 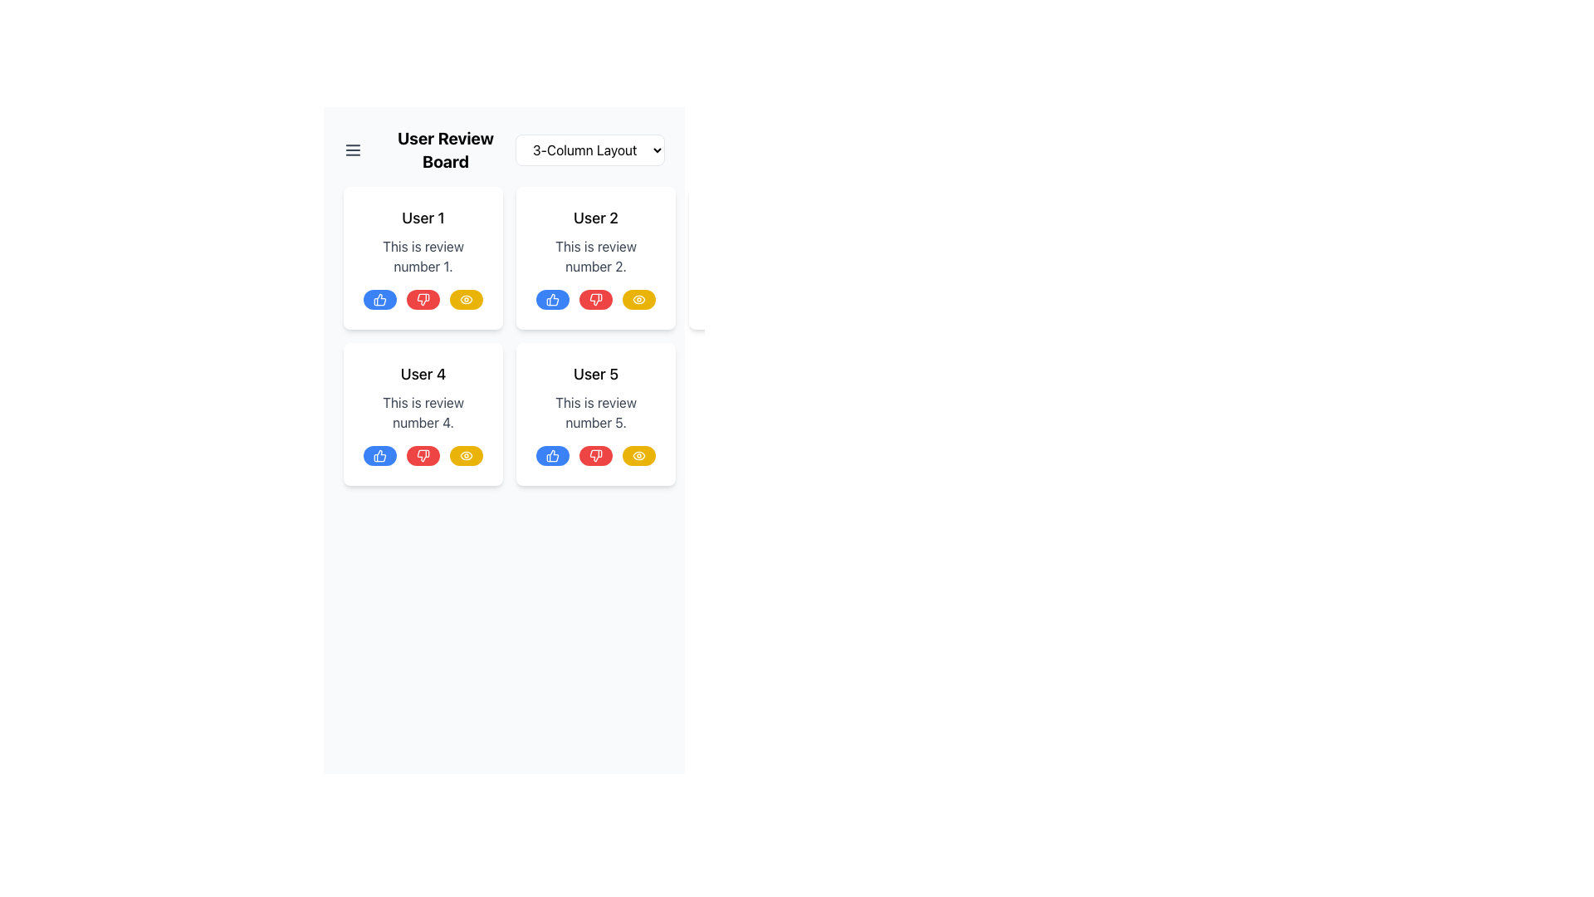 I want to click on the blue thumbs-up icon button in the user review card titled 'User 5', so click(x=552, y=455).